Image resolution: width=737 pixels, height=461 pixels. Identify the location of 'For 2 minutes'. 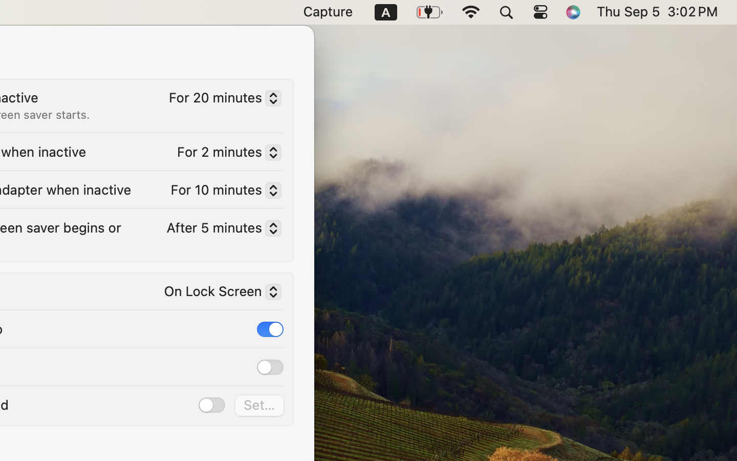
(225, 153).